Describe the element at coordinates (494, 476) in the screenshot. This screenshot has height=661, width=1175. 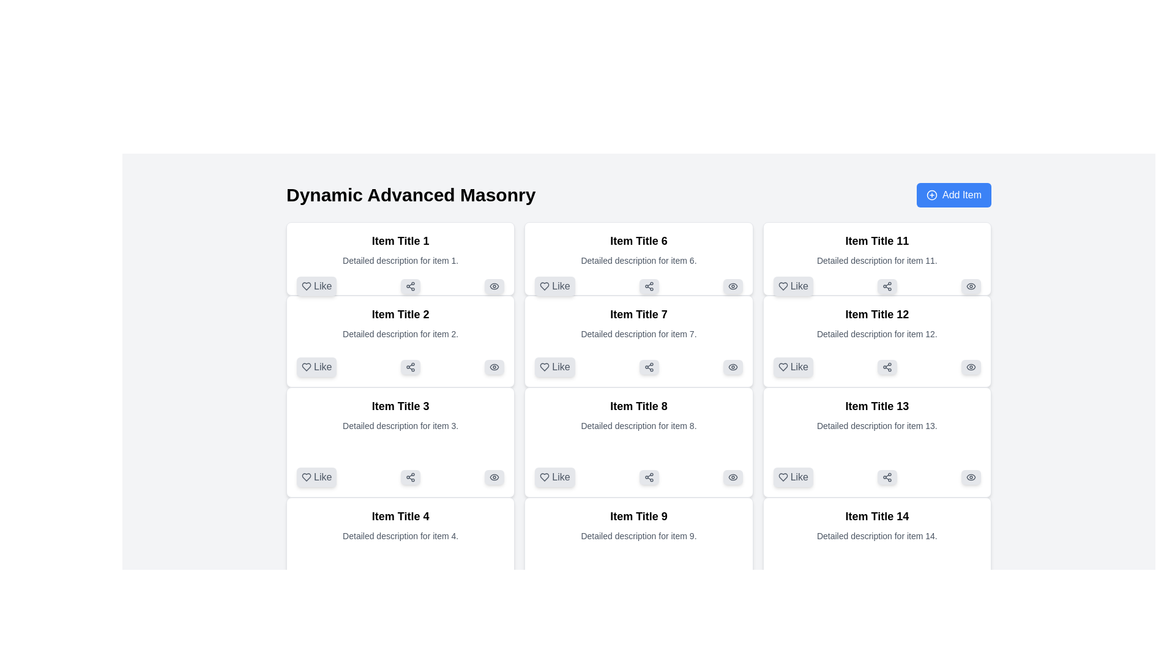
I see `the eye icon button within the 'Item Title 3' section` at that location.